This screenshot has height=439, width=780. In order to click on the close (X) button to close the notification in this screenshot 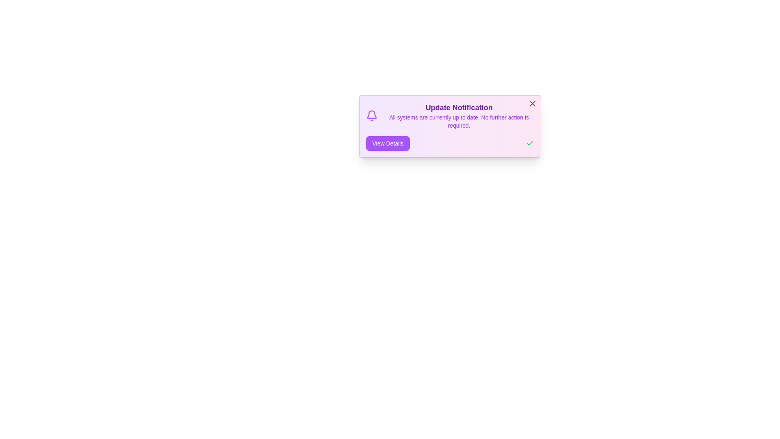, I will do `click(532, 103)`.